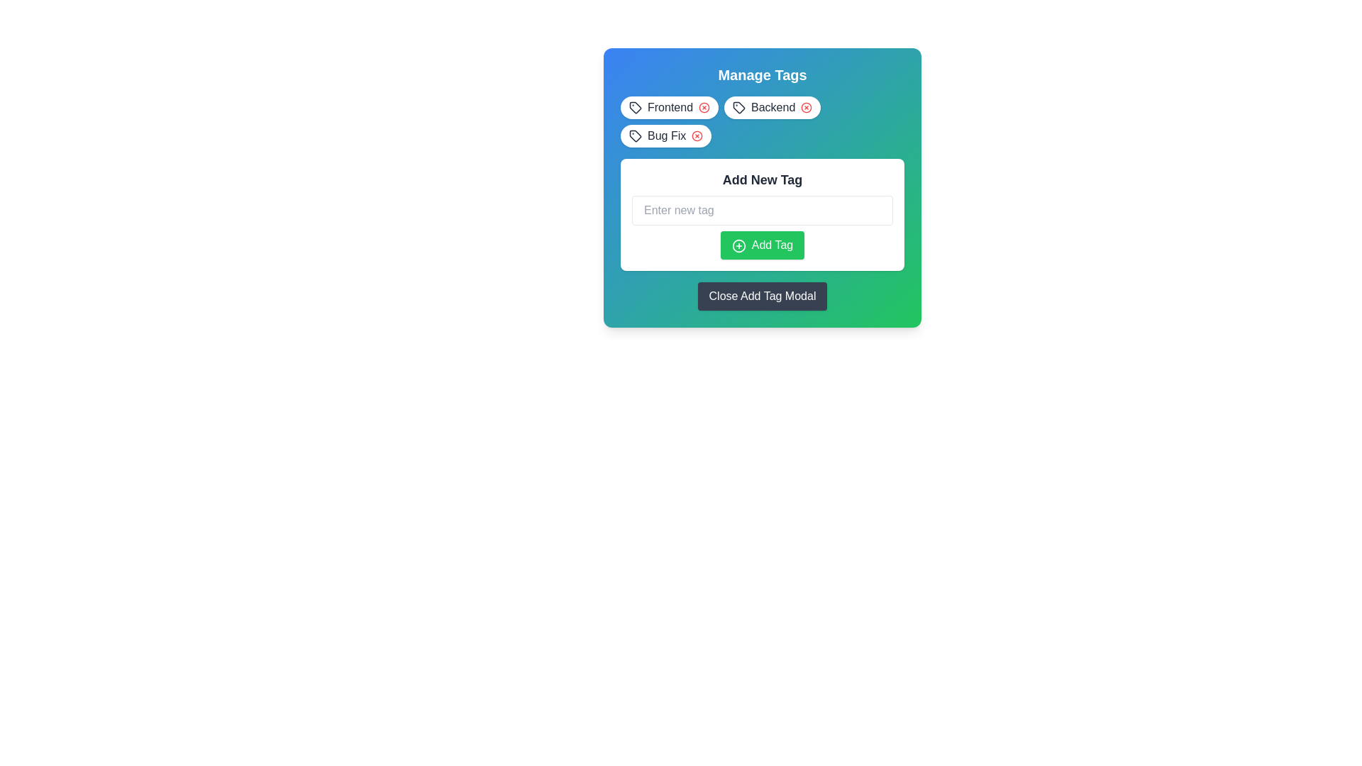  Describe the element at coordinates (762, 295) in the screenshot. I see `the 'Close Add Tag Modal' button, which is a rectangular button with white text on a dark gray background, located at the lower part of the modal interface` at that location.